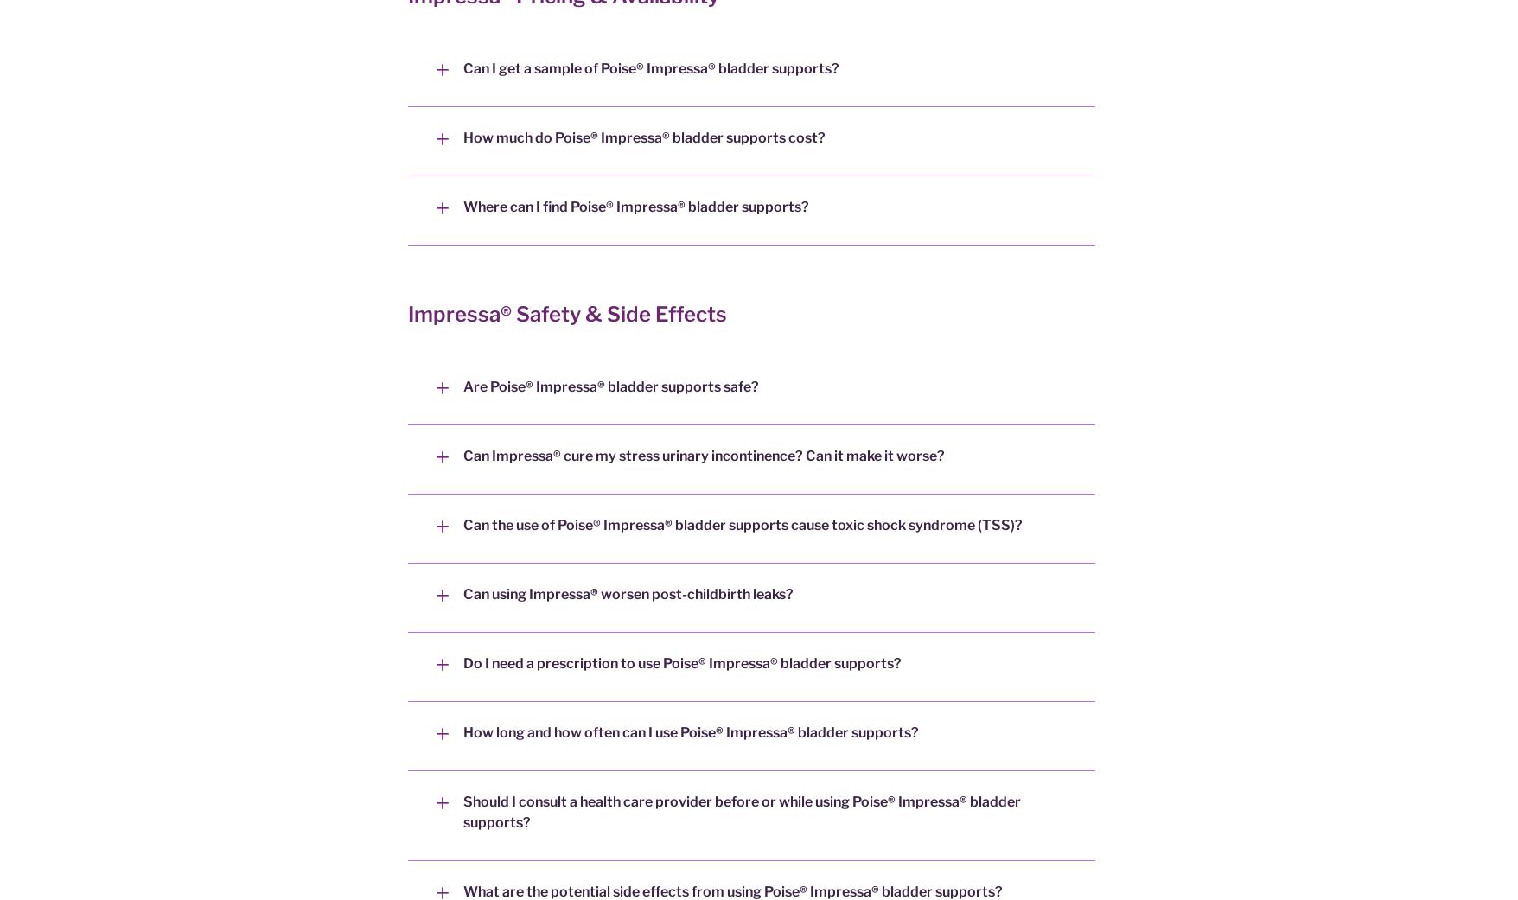  What do you see at coordinates (731, 891) in the screenshot?
I see `'What are the potential side effects from using Poise® Impressa® bladder supports?'` at bounding box center [731, 891].